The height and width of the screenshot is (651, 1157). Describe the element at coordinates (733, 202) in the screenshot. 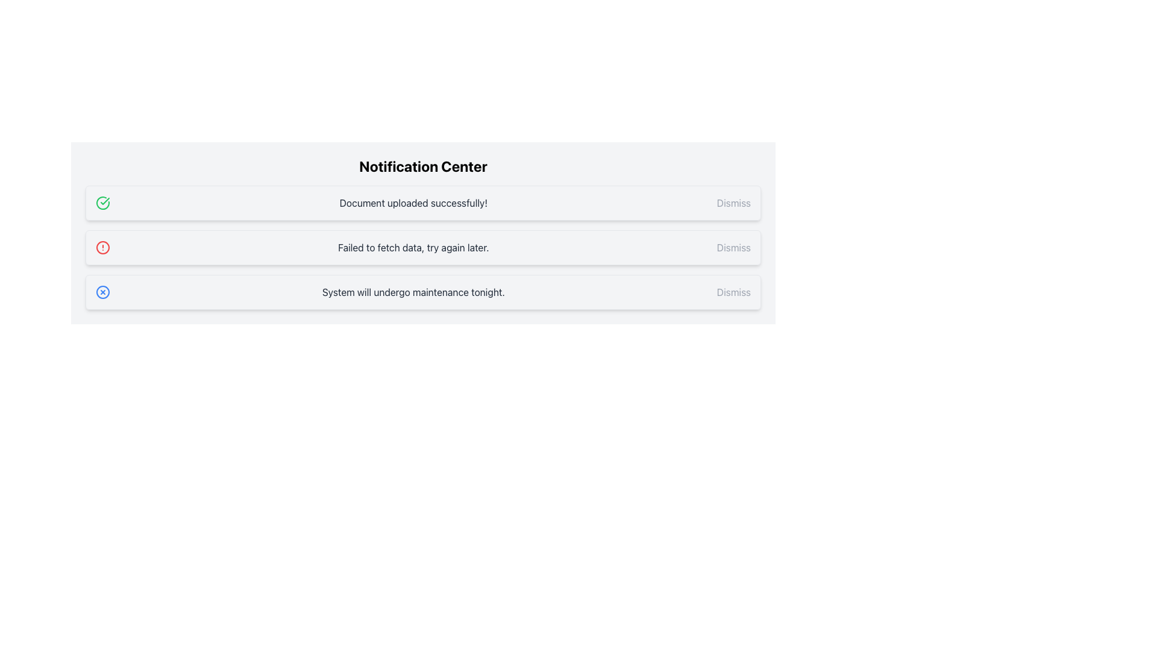

I see `the 'Dismiss' button, which is a gray text label that turns red on hover, located to the far-right of the notification message 'Document uploaded successfully!'` at that location.